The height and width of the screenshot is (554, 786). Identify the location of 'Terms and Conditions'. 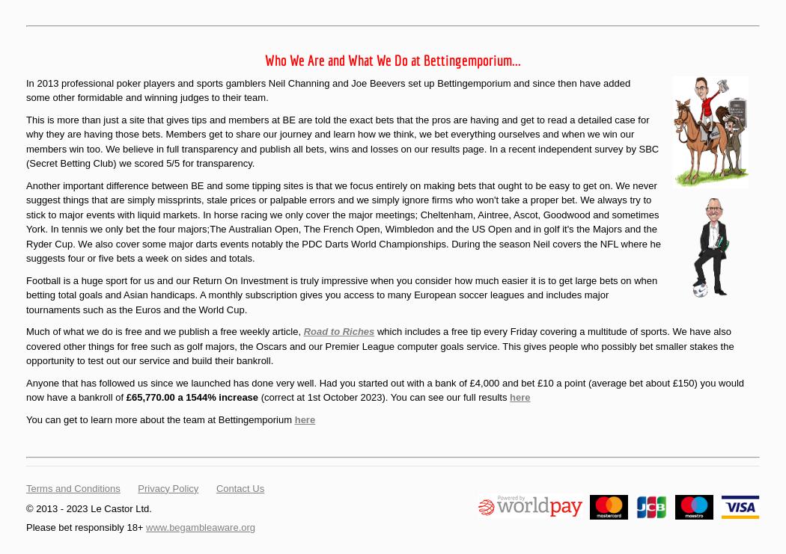
(73, 487).